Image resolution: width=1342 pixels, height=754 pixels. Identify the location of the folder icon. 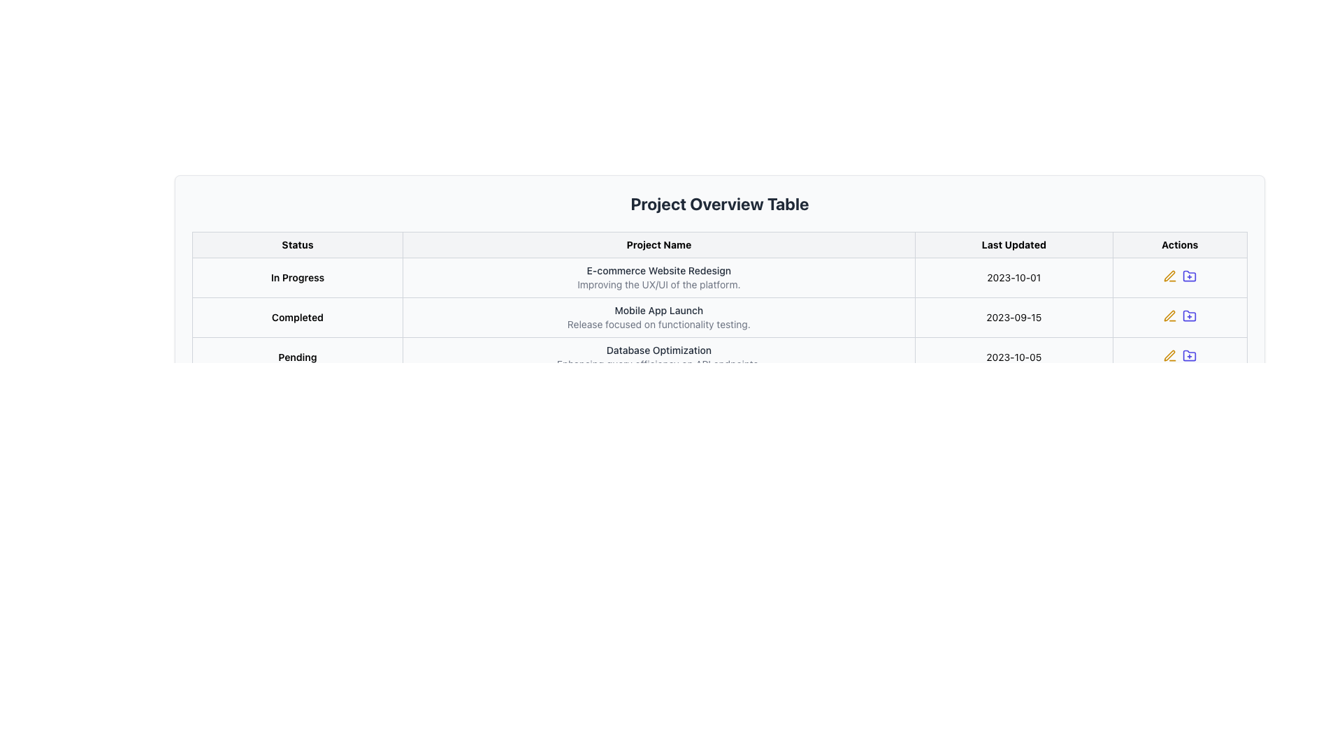
(1189, 316).